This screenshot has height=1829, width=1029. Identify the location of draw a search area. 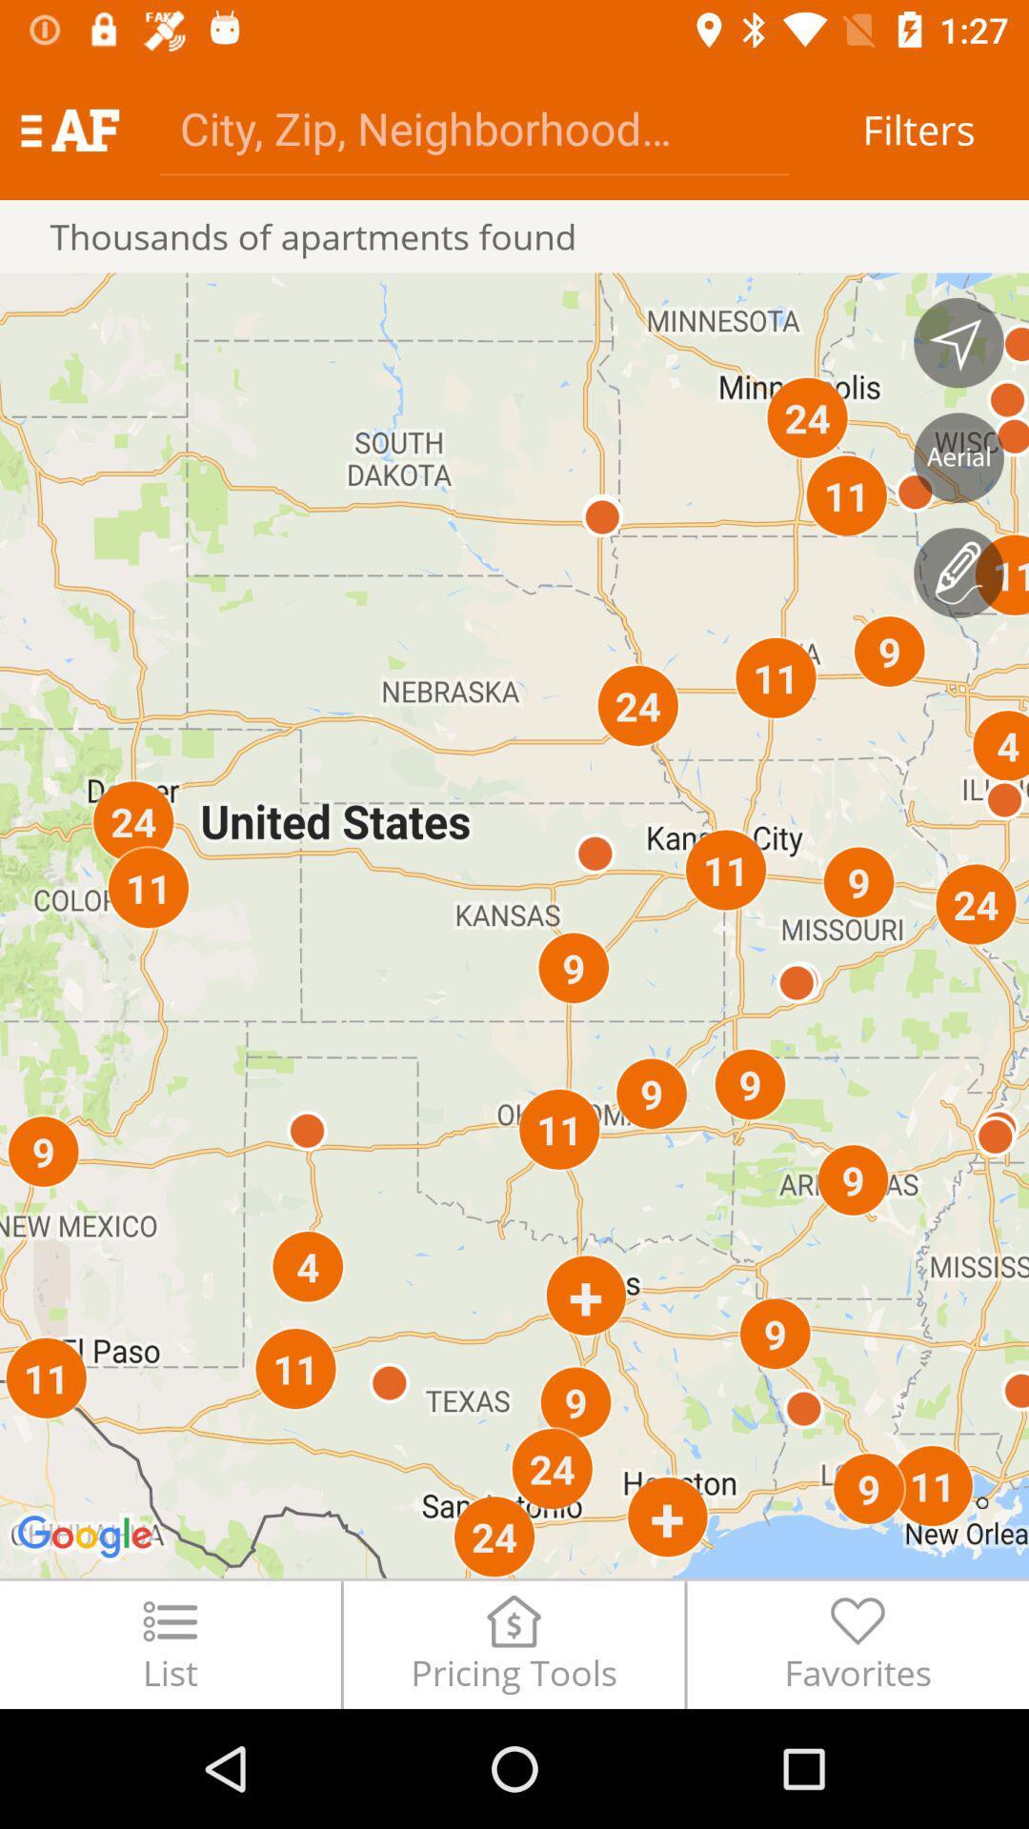
(958, 572).